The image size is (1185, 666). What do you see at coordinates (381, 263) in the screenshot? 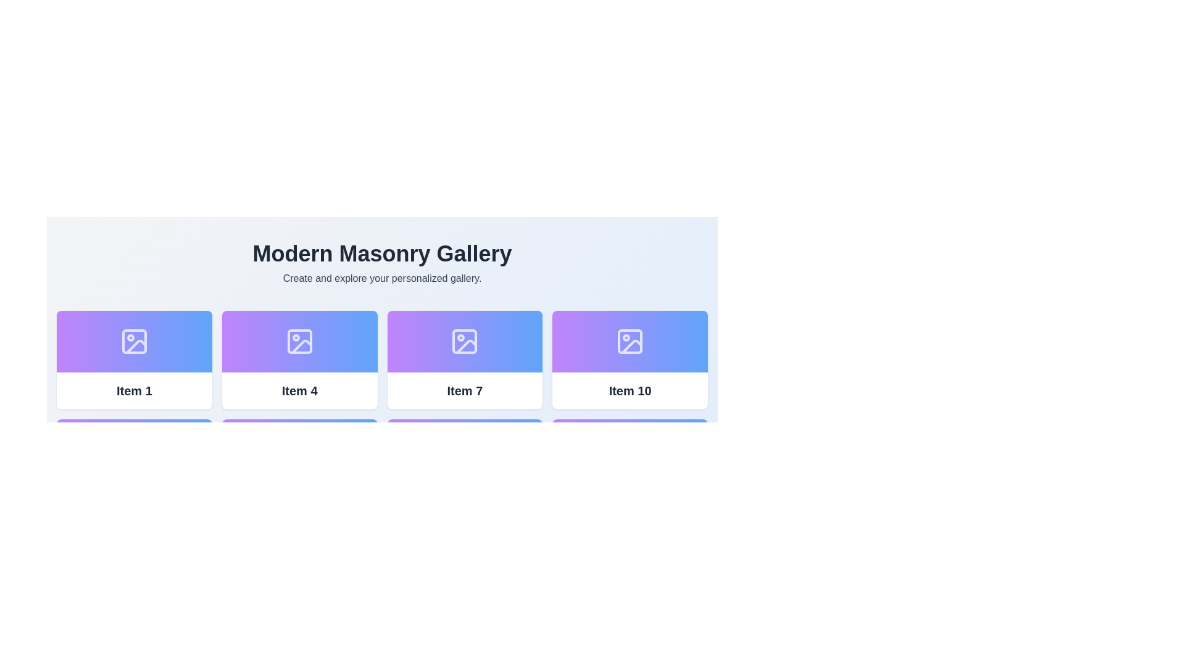
I see `the section header titled 'Modern Masonry Gallery' that contains the subtitle 'Create and explore your personalized gallery.'` at bounding box center [381, 263].